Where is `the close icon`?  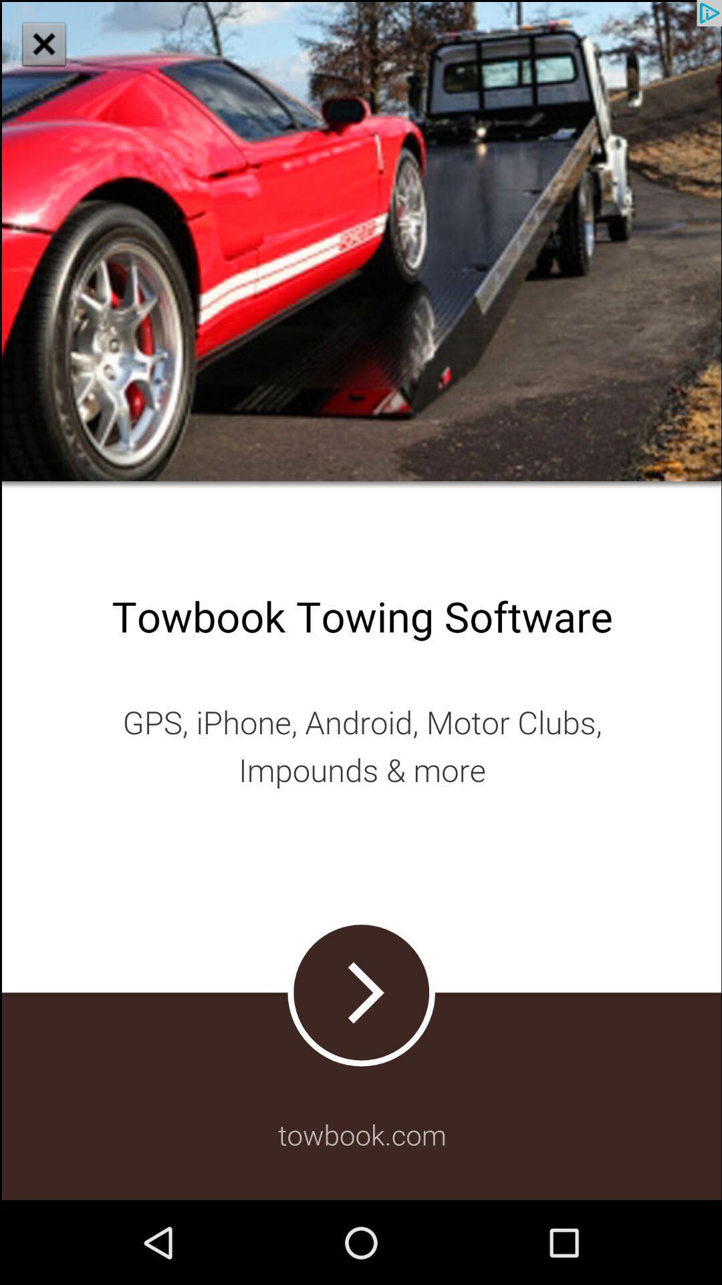
the close icon is located at coordinates (43, 47).